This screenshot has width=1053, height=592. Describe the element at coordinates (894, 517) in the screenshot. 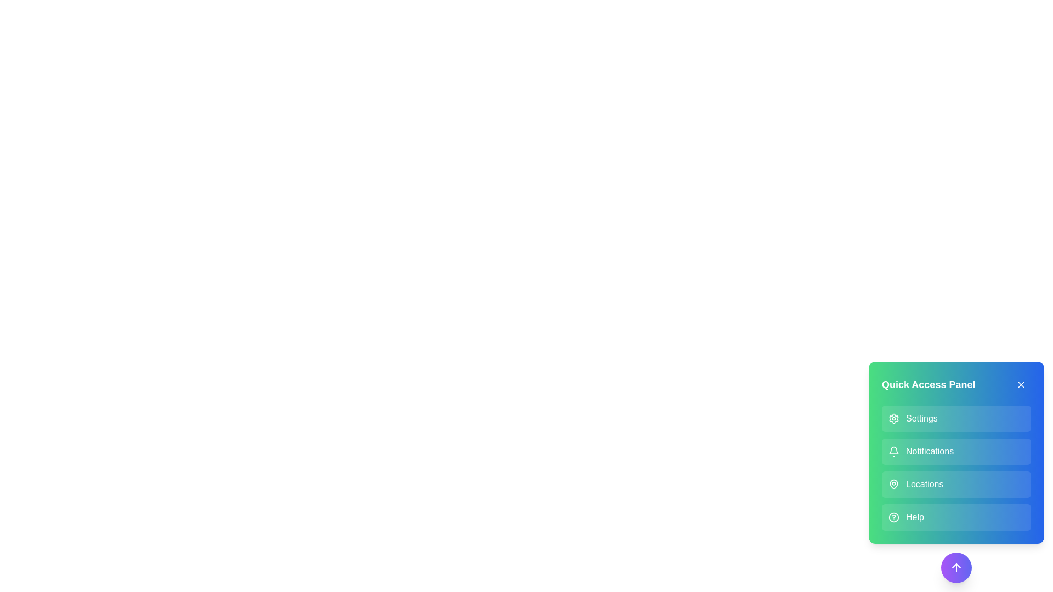

I see `circular outline element located at the center of the 'Help' button in the 'Quick Access Panel'` at that location.